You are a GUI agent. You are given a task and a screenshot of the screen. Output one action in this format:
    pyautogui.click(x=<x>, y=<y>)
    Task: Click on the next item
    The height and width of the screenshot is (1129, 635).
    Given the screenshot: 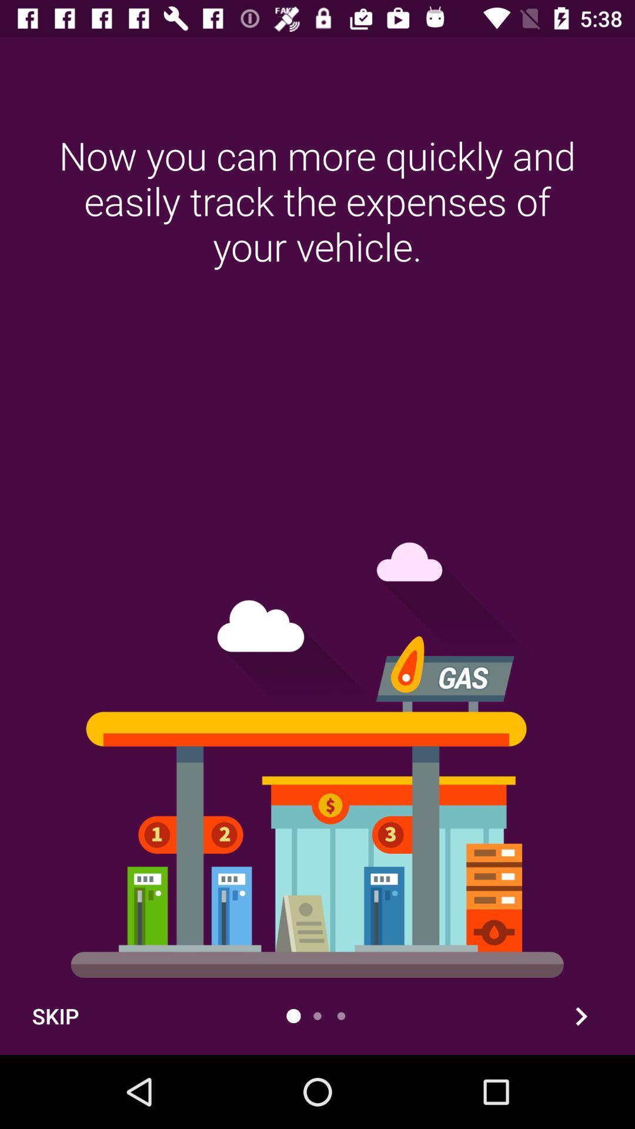 What is the action you would take?
    pyautogui.click(x=580, y=1016)
    